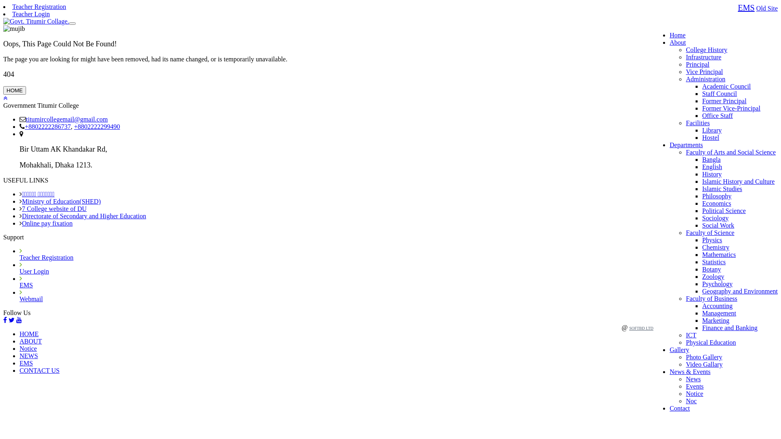 The height and width of the screenshot is (439, 781). I want to click on 'Islamic Studies', so click(702, 189).